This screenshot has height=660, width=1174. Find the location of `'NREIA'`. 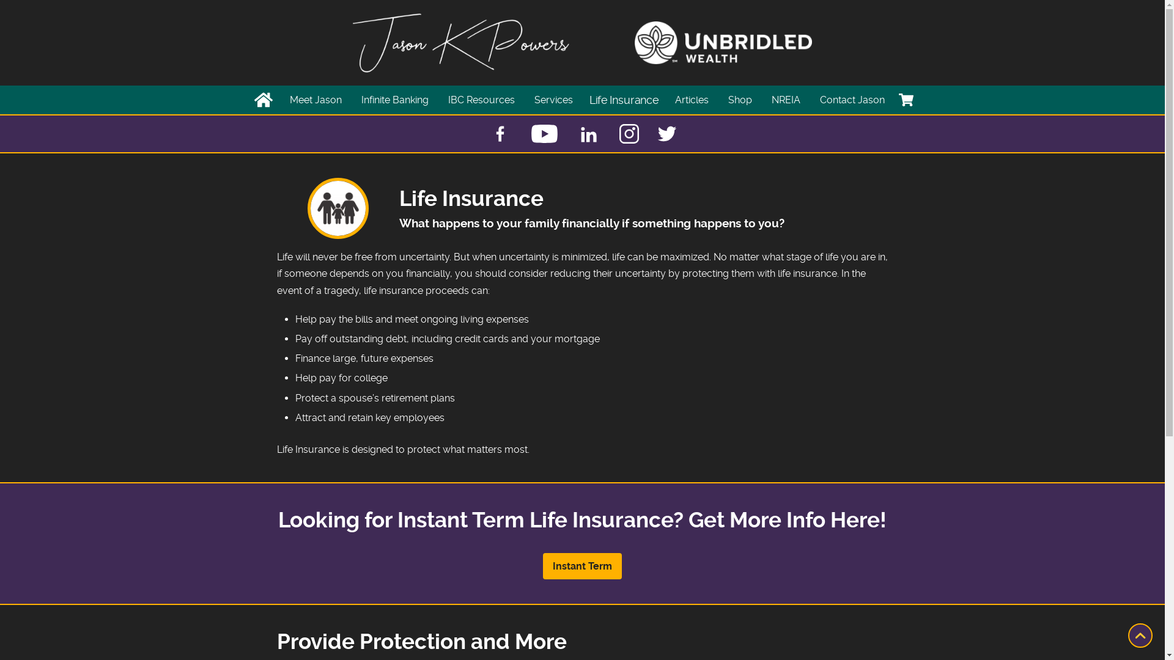

'NREIA' is located at coordinates (786, 99).